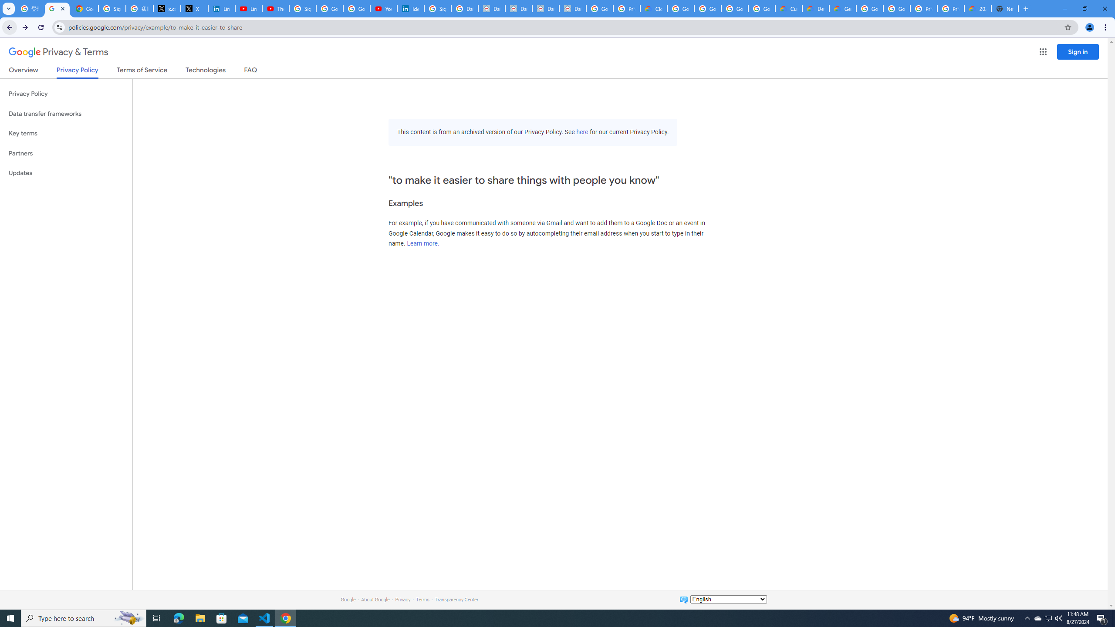 The height and width of the screenshot is (627, 1115). Describe the element at coordinates (653, 8) in the screenshot. I see `'Cloud Data Processing Addendum | Google Cloud'` at that location.